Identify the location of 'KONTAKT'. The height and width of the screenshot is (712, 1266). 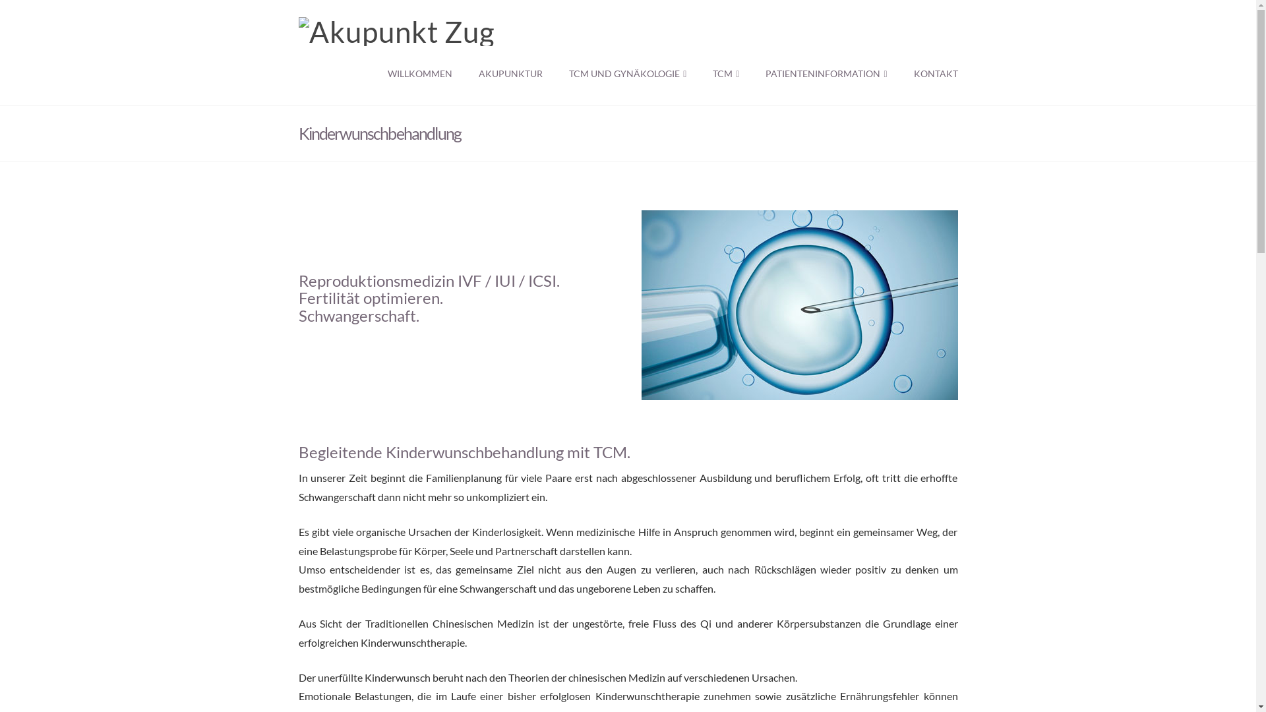
(928, 76).